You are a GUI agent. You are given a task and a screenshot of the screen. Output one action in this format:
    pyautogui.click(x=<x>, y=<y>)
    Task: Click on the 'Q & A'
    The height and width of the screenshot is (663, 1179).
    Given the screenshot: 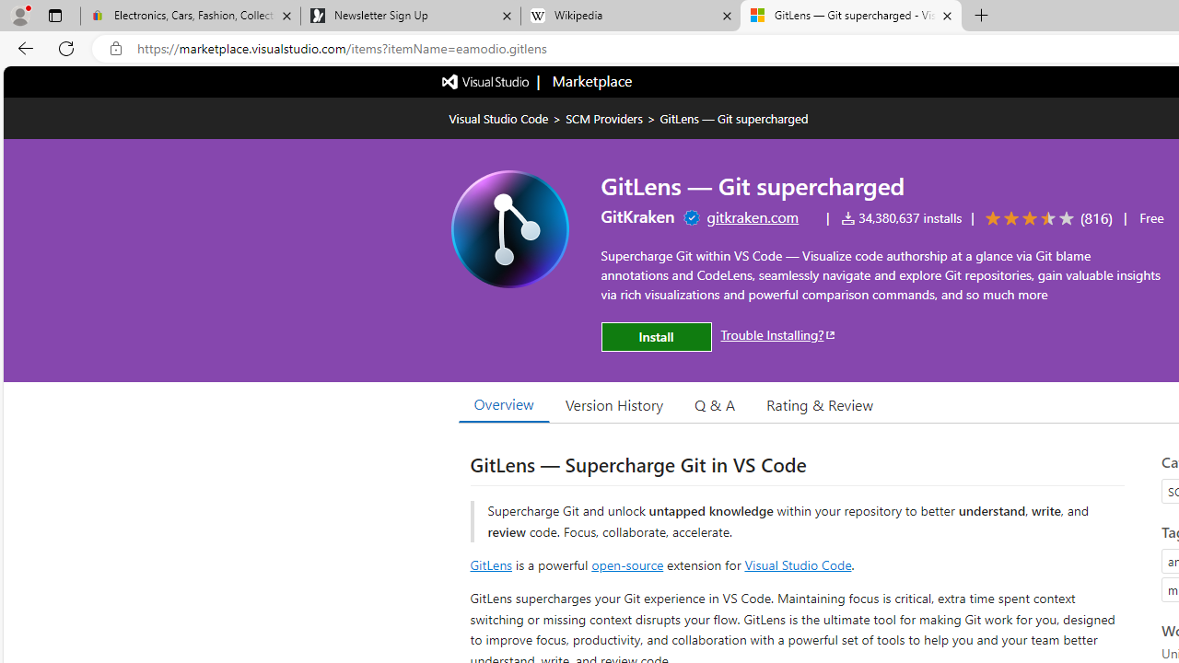 What is the action you would take?
    pyautogui.click(x=714, y=403)
    